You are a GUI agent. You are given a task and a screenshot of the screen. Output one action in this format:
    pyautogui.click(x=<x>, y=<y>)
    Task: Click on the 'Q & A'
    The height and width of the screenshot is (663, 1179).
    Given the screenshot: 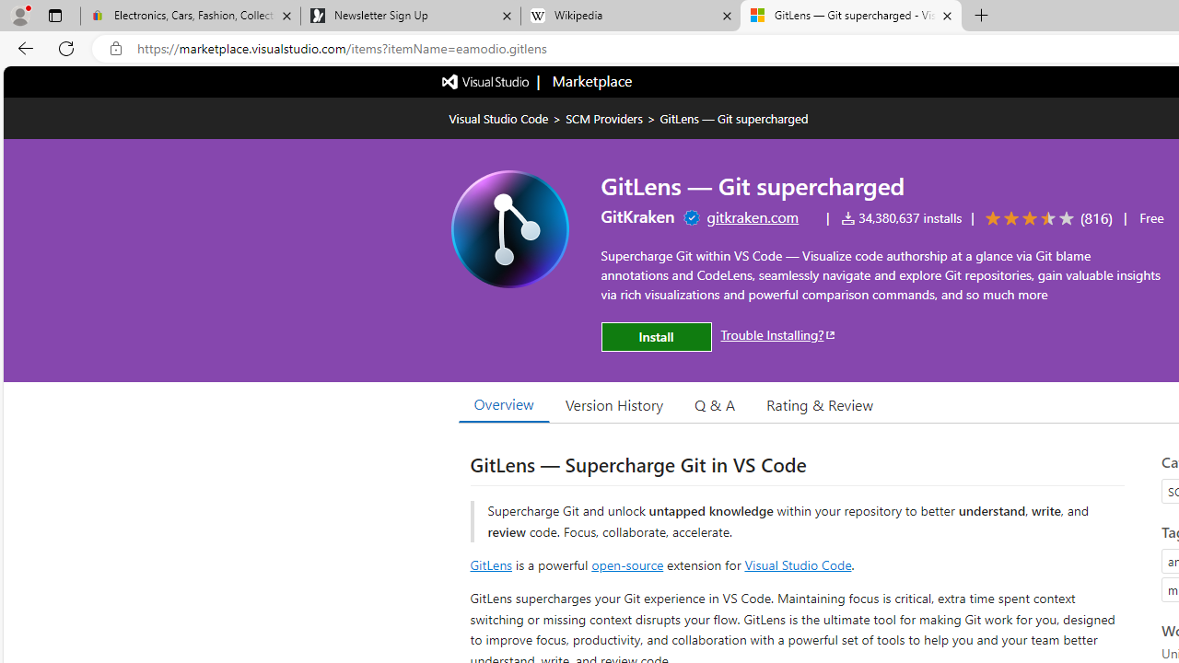 What is the action you would take?
    pyautogui.click(x=714, y=403)
    